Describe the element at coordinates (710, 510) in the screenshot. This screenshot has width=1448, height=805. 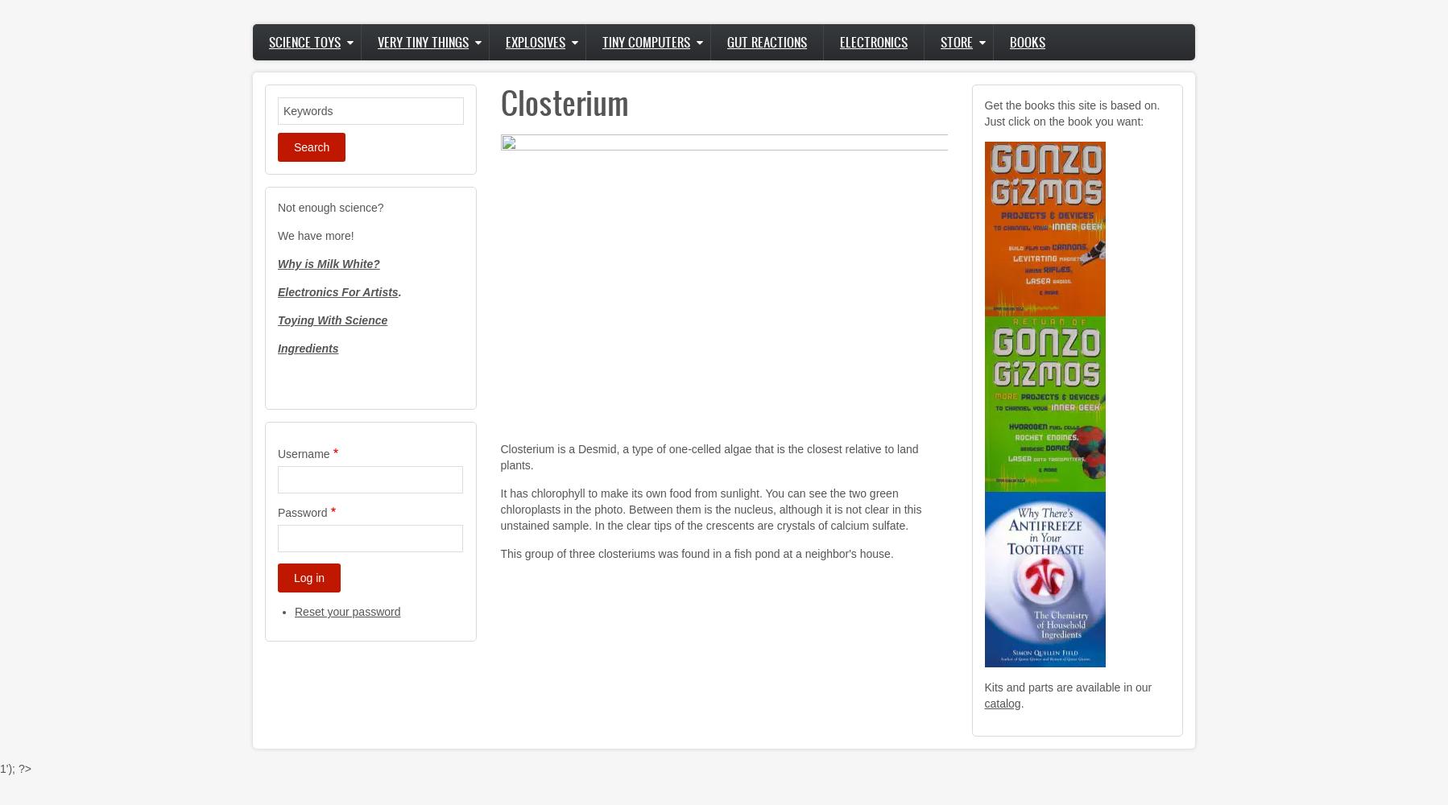
I see `'It has chlorophyll to make its own food from sunlight. You can see the two green chloroplasts in the photo. Between them is the nucleus, although it is not clear in this unstained sample. In the clear tips of the crescents are crystals of calcium sulfate.'` at that location.